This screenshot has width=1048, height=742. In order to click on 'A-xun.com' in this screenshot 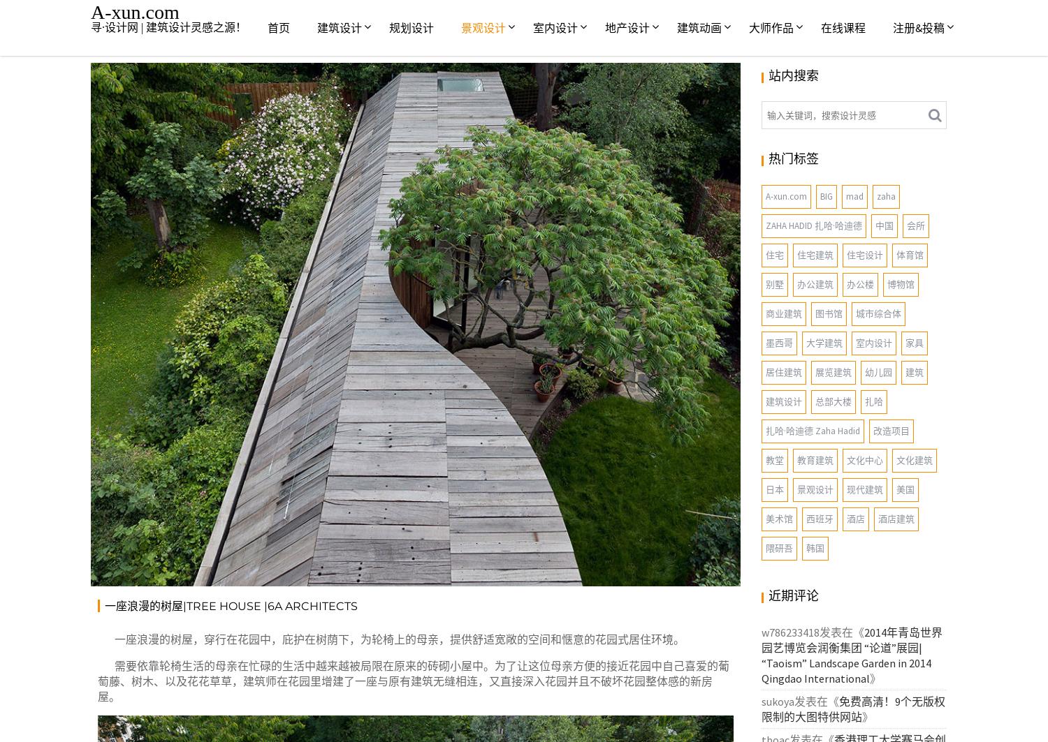, I will do `click(786, 195)`.